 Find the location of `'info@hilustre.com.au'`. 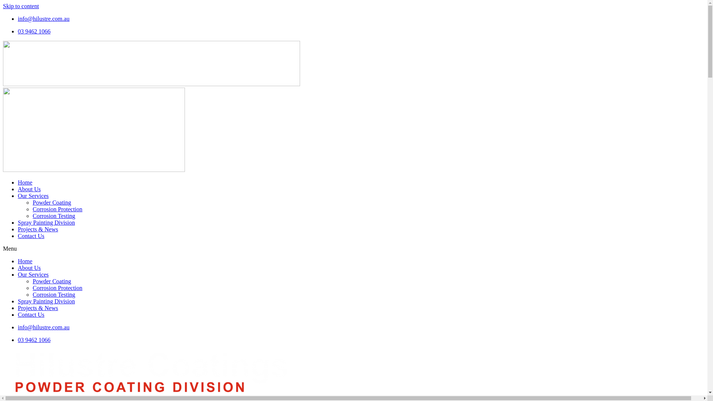

'info@hilustre.com.au' is located at coordinates (43, 18).